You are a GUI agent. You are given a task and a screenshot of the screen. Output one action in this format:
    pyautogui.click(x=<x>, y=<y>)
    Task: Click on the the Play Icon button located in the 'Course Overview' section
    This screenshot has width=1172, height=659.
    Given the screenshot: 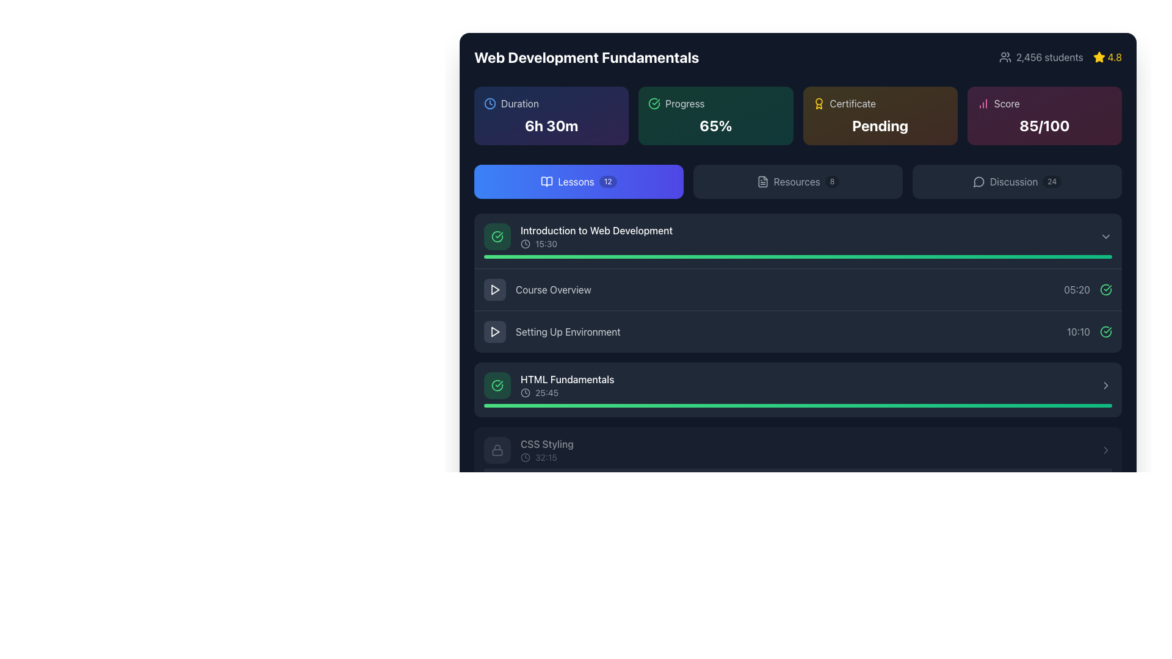 What is the action you would take?
    pyautogui.click(x=495, y=289)
    